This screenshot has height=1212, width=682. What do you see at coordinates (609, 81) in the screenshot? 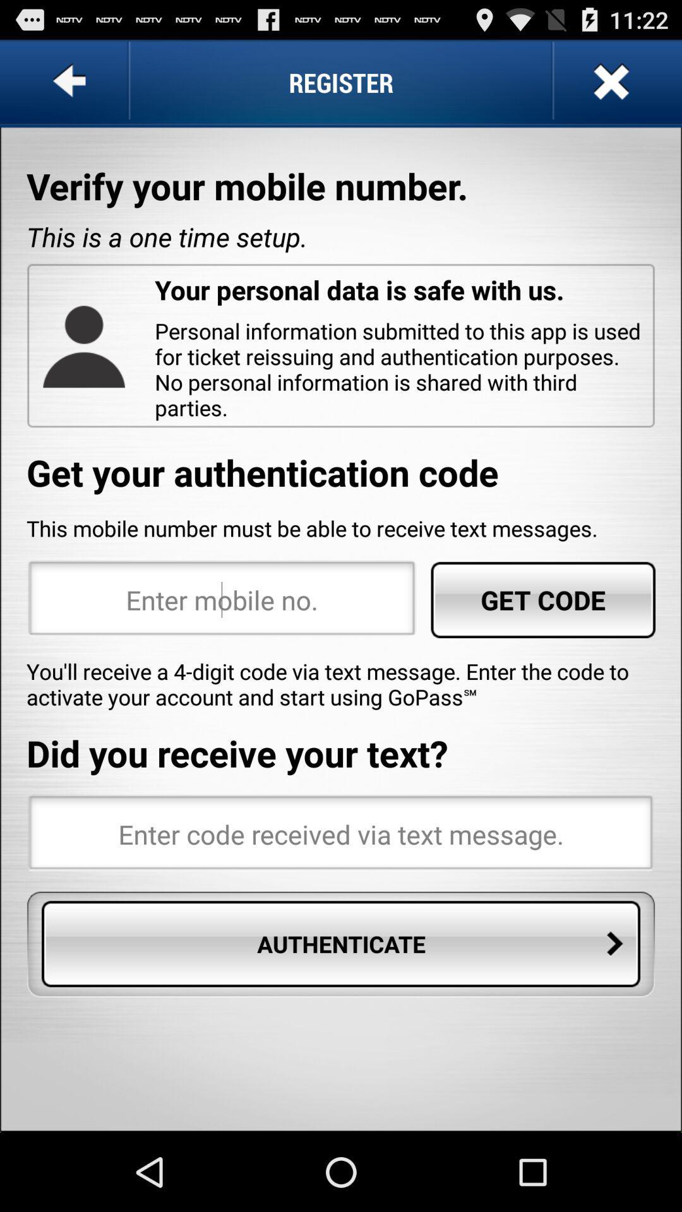
I see `button at the top right corner` at bounding box center [609, 81].